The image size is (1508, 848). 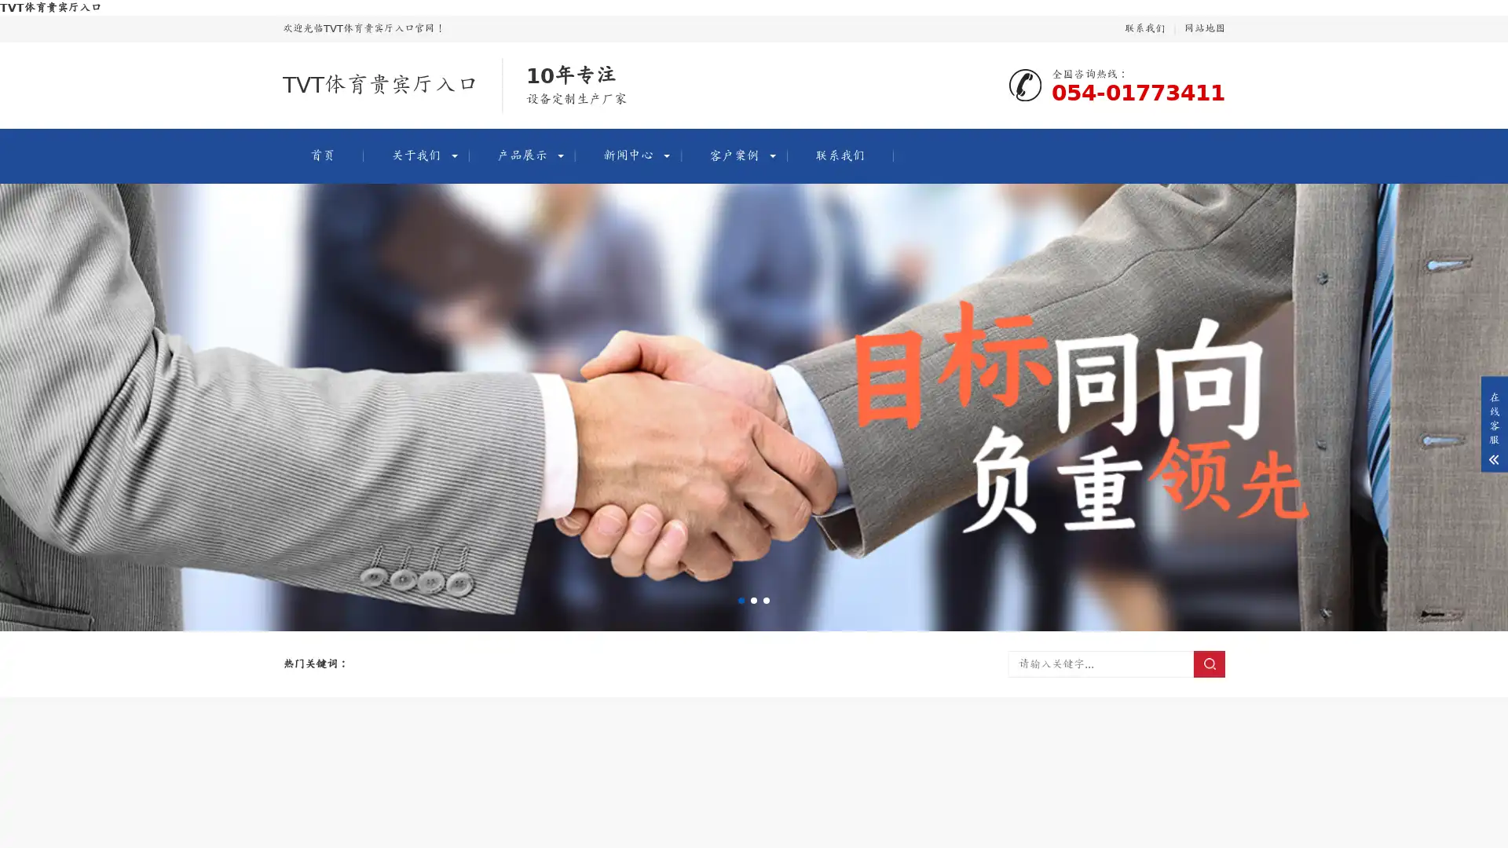 I want to click on Go to slide 2, so click(x=754, y=600).